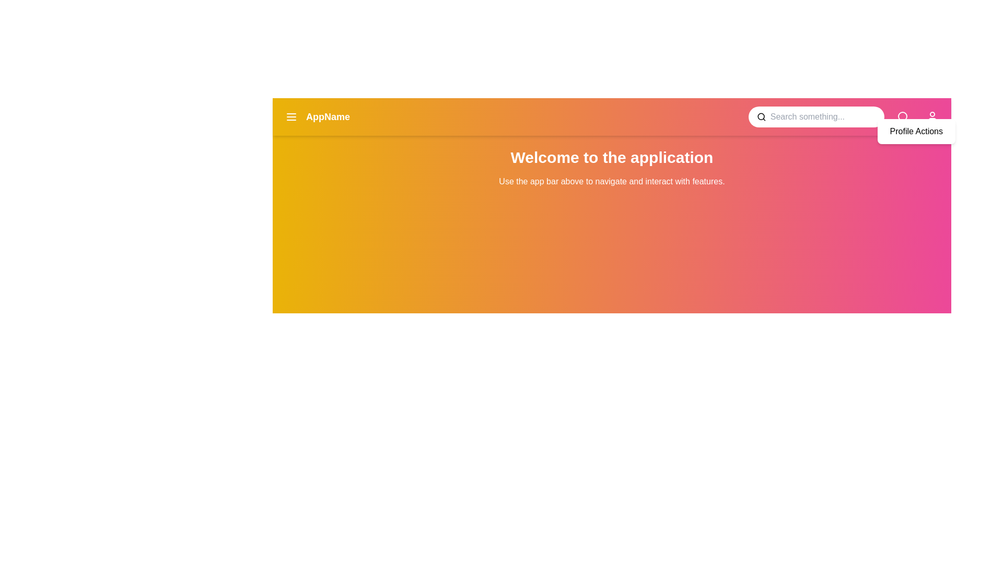 The width and height of the screenshot is (1003, 564). What do you see at coordinates (291, 116) in the screenshot?
I see `the menu icon to toggle the drawer menu` at bounding box center [291, 116].